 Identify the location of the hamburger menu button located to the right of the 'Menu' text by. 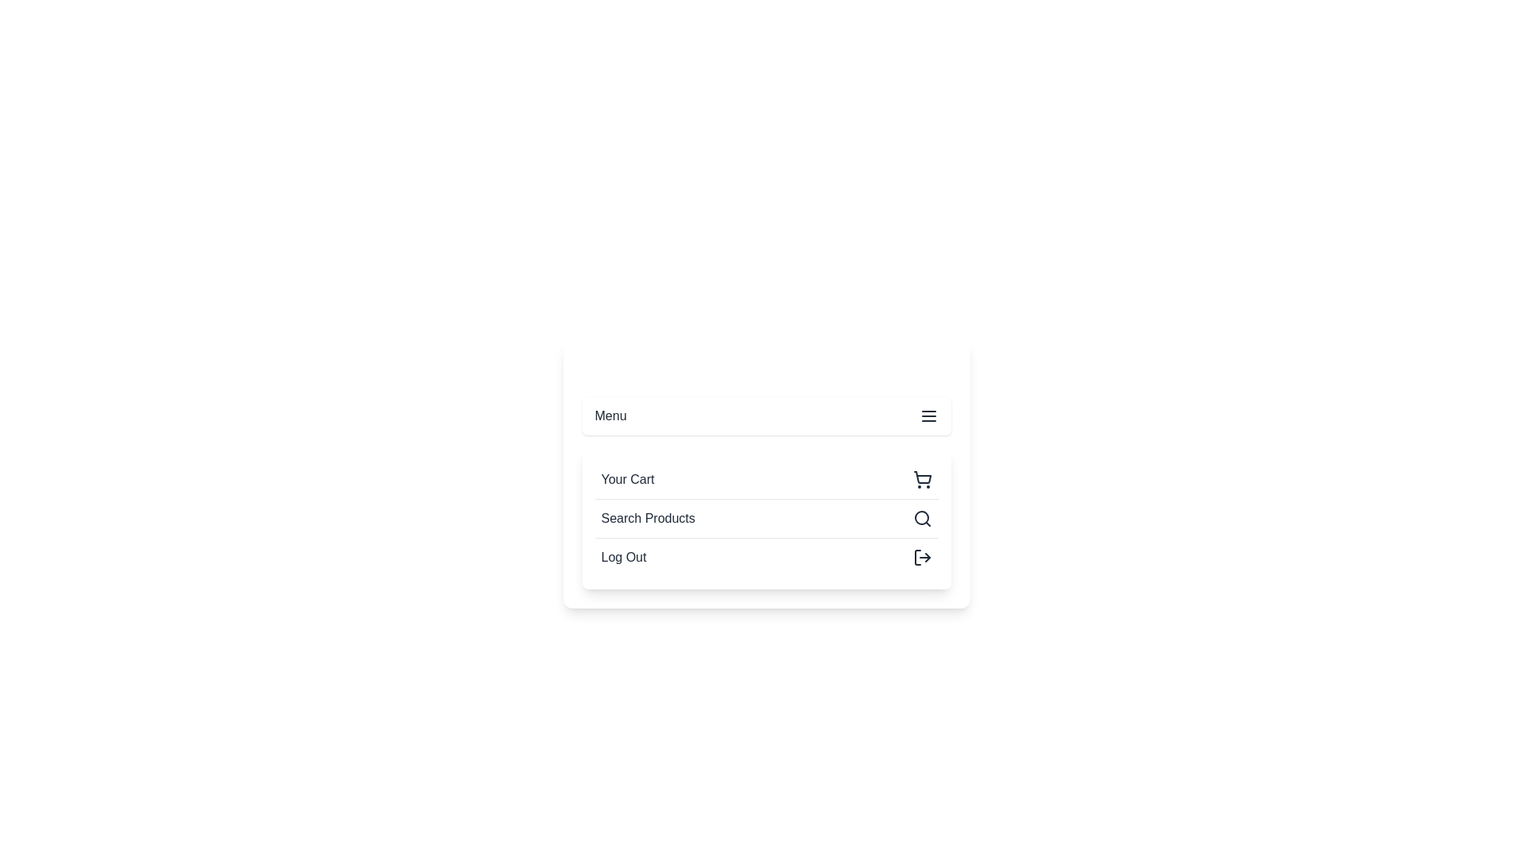
(928, 415).